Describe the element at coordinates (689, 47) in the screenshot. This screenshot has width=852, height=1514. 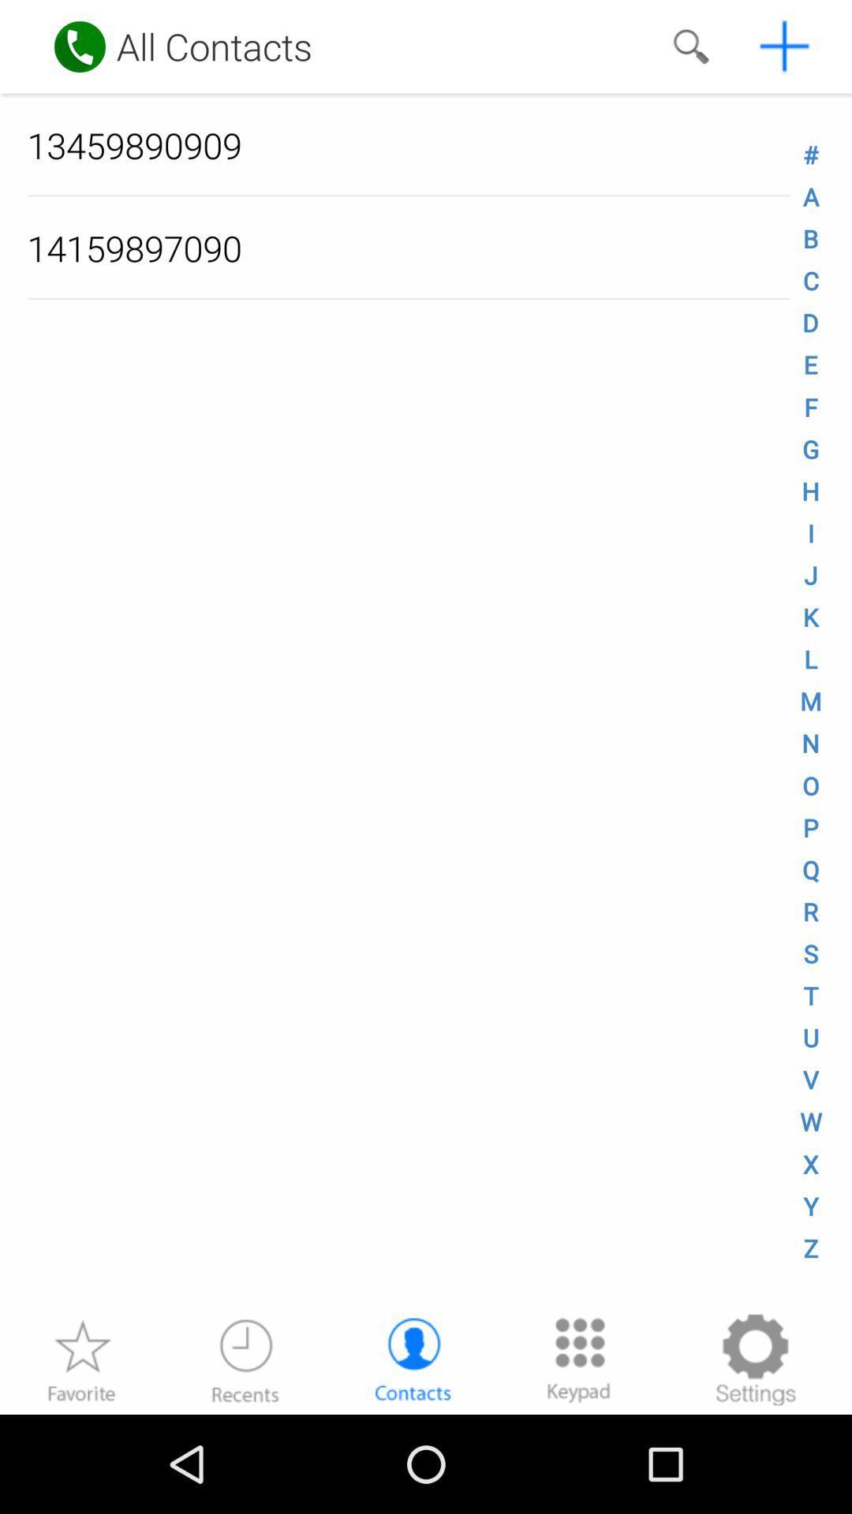
I see `search for a number` at that location.